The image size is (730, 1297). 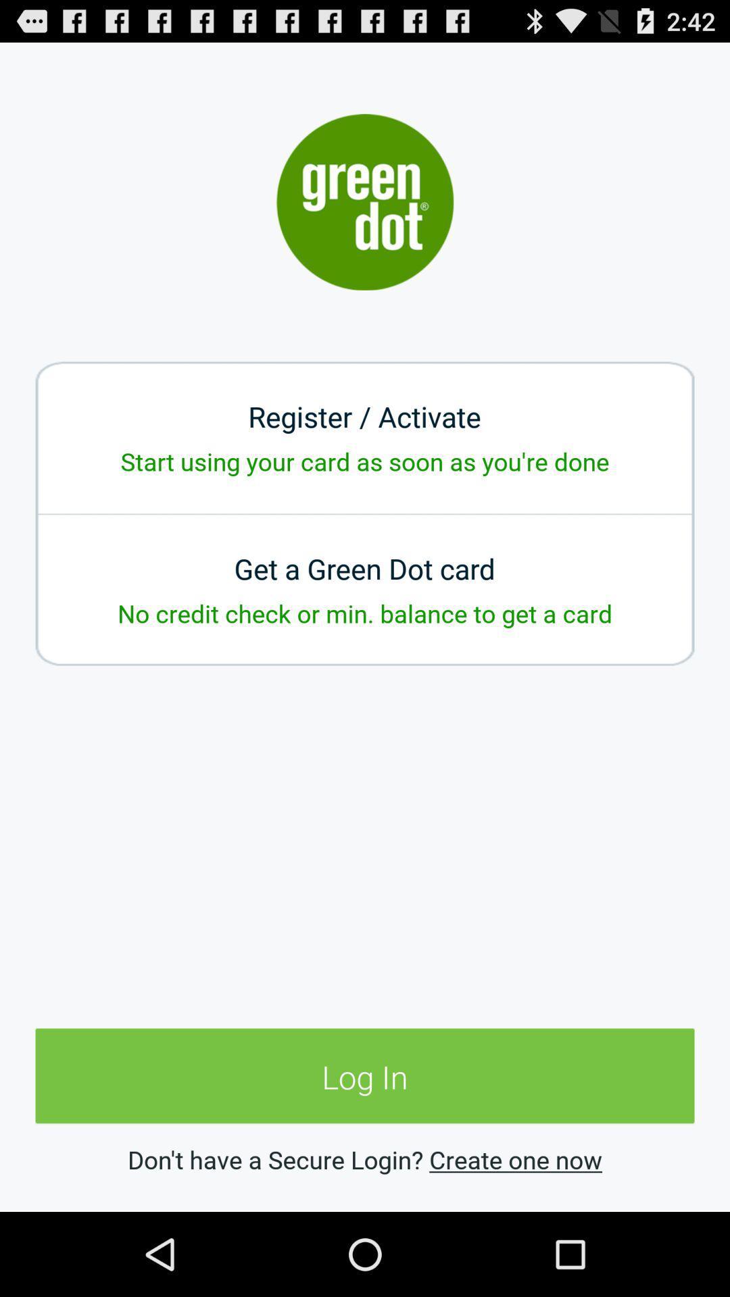 I want to click on the app to the right of the don t have app, so click(x=516, y=1159).